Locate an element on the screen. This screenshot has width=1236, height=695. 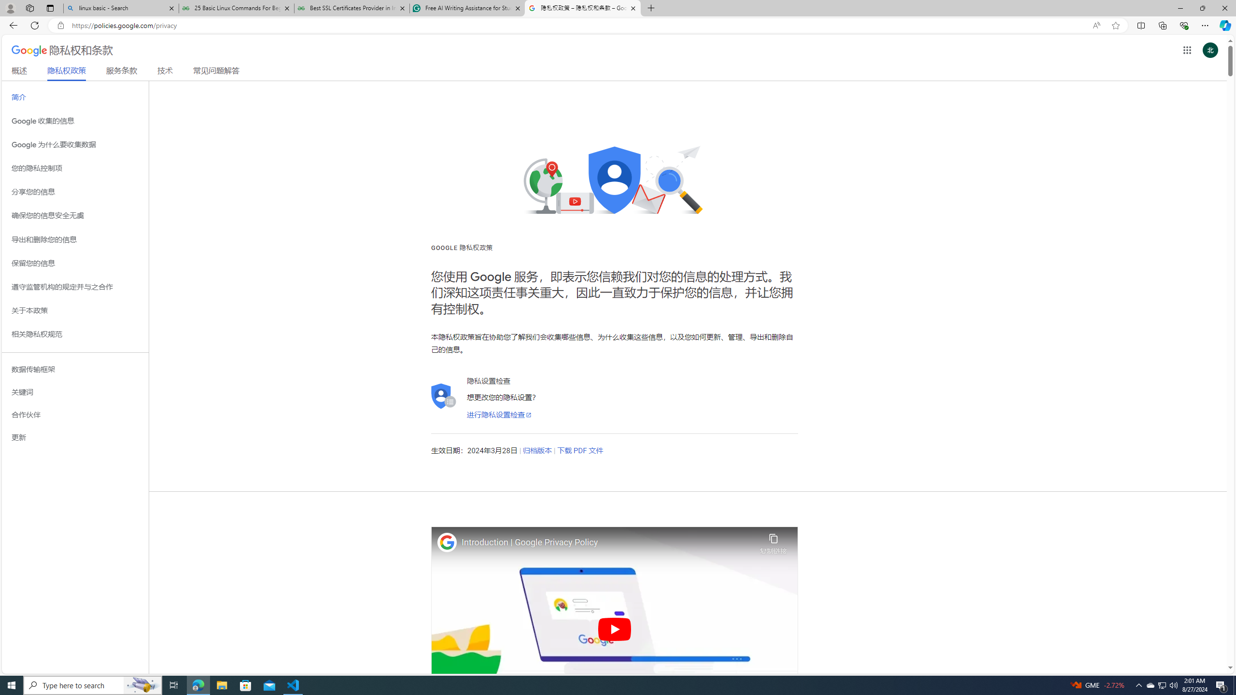
'Best SSL Certificates Provider in India - GeeksforGeeks' is located at coordinates (352, 8).